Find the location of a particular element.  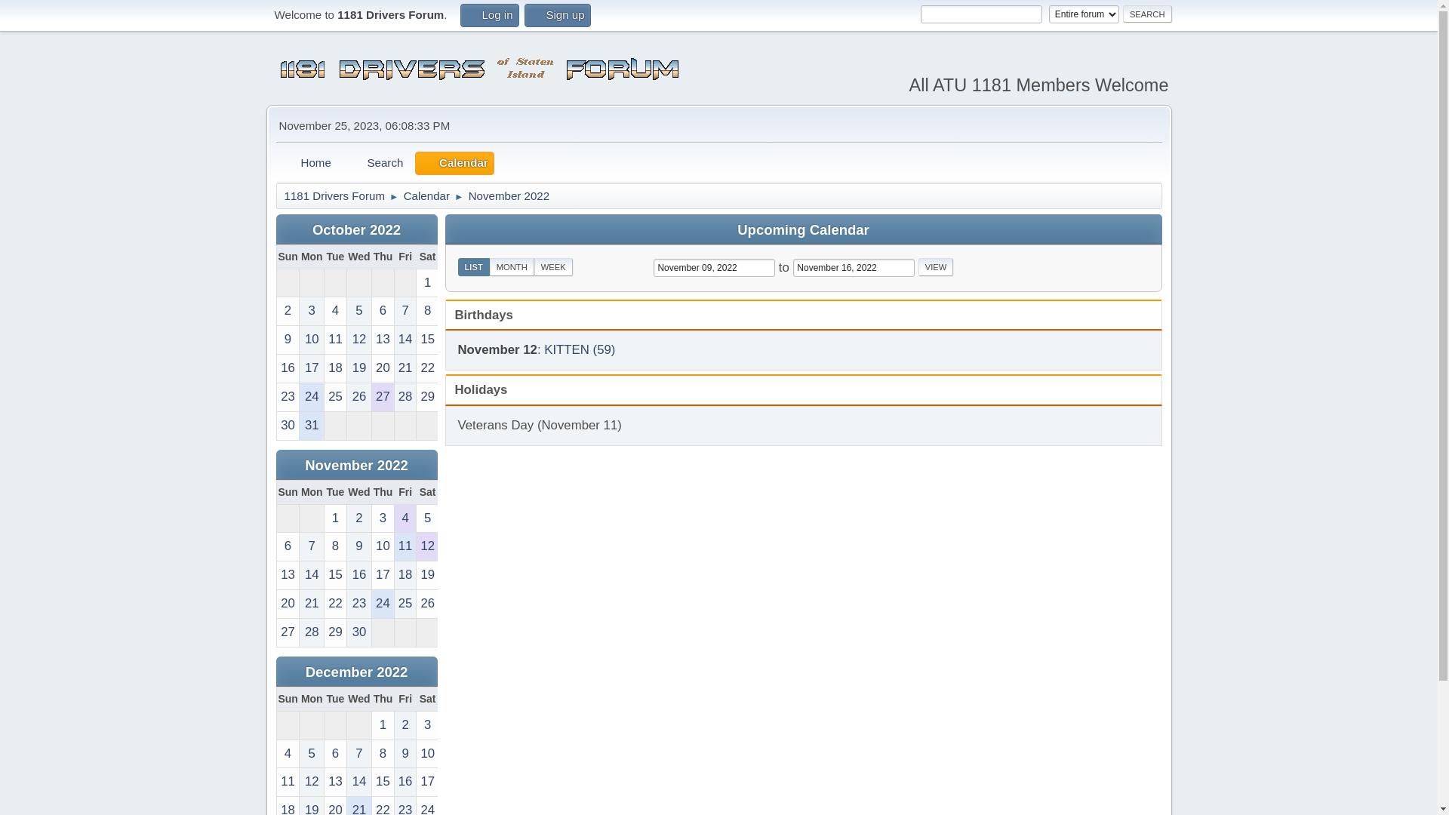

'9' is located at coordinates (405, 754).